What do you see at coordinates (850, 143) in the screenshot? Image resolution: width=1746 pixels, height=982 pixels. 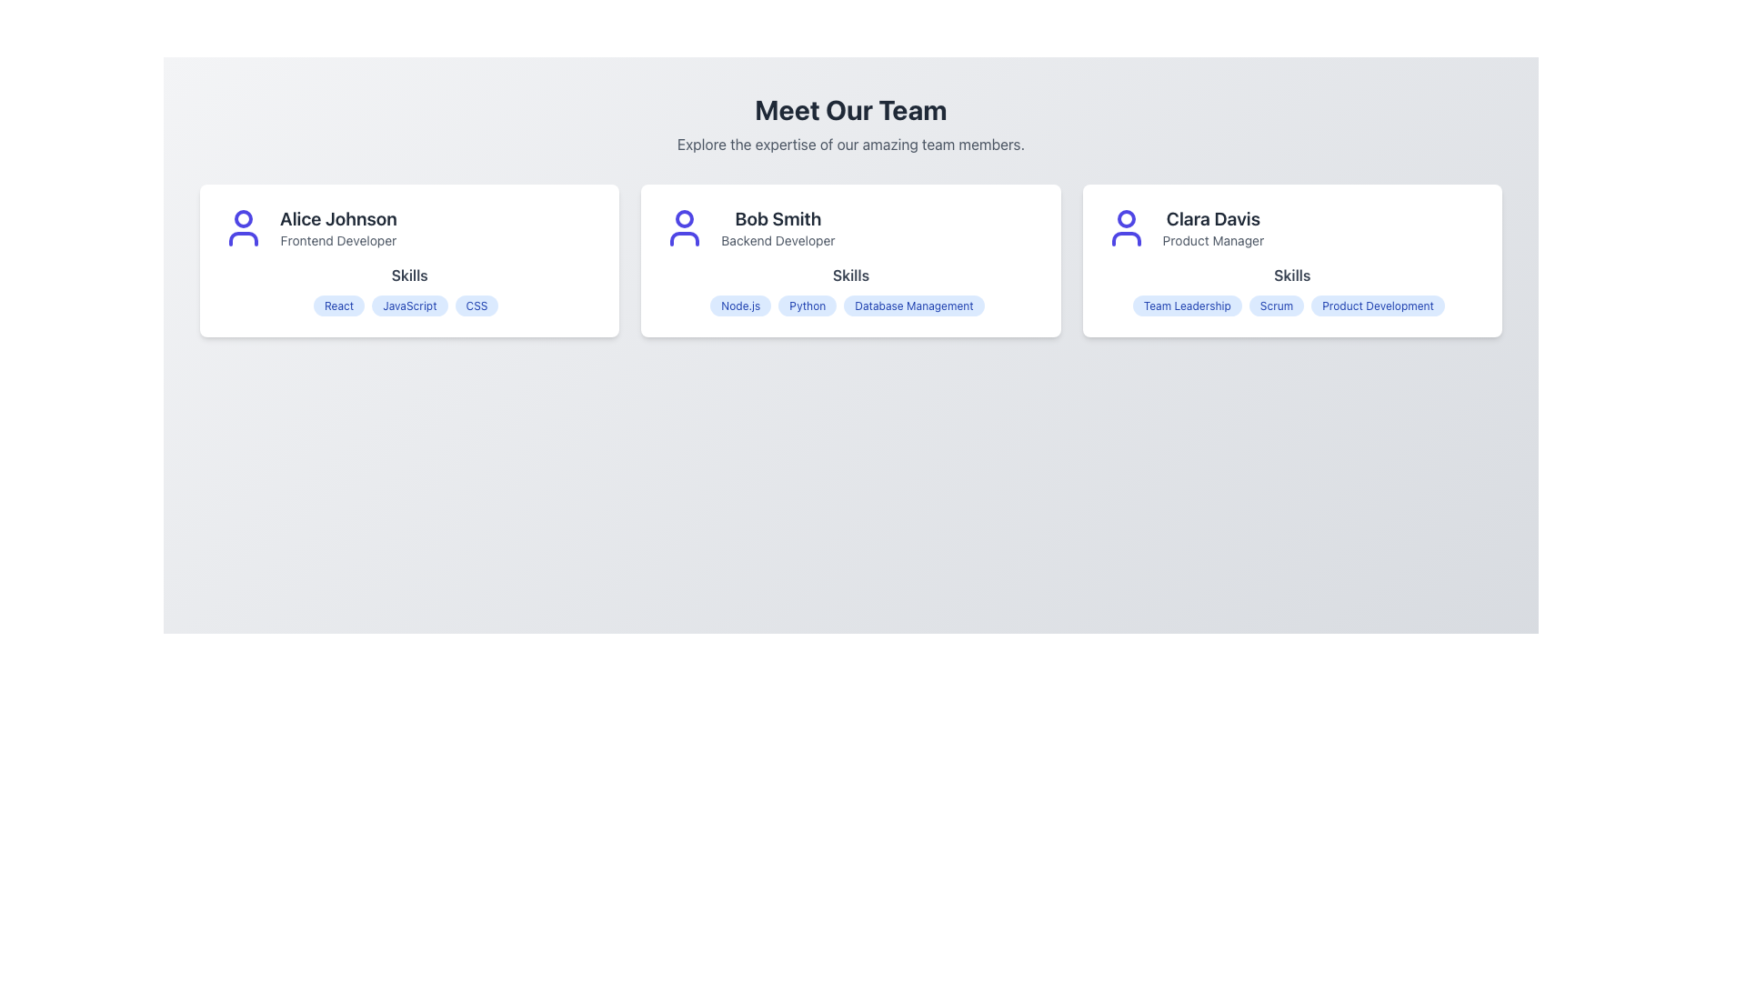 I see `the text element that reads 'Explore the expertise of our amazing team members.', located directly beneath the heading 'Meet Our Team'` at bounding box center [850, 143].